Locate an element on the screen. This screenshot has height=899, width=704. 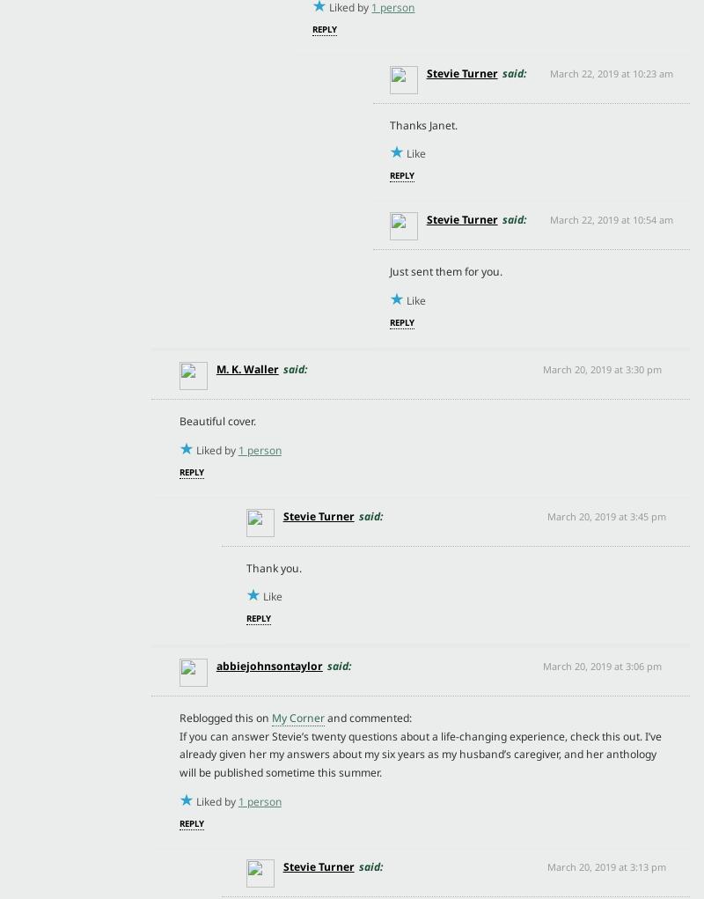
'March 20, 2019 at 3:45 pm' is located at coordinates (605, 514).